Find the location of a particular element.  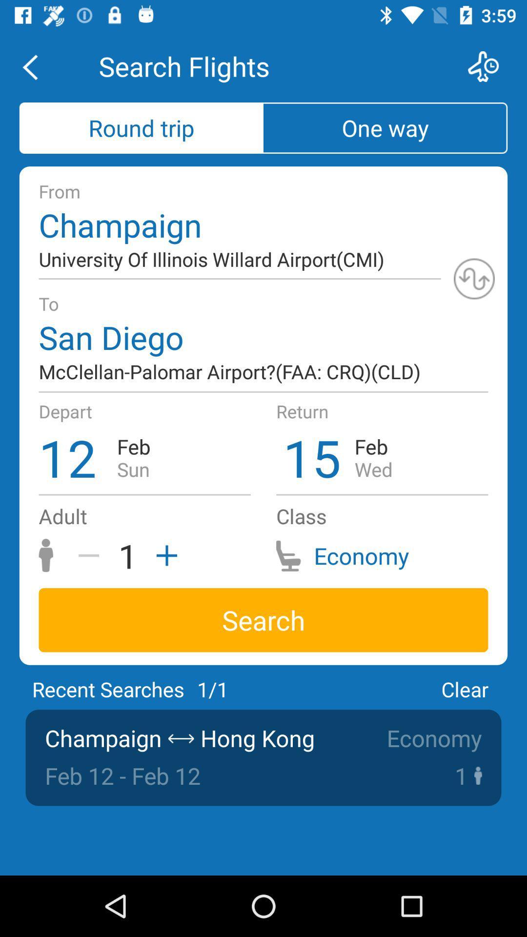

negative button is located at coordinates (92, 555).